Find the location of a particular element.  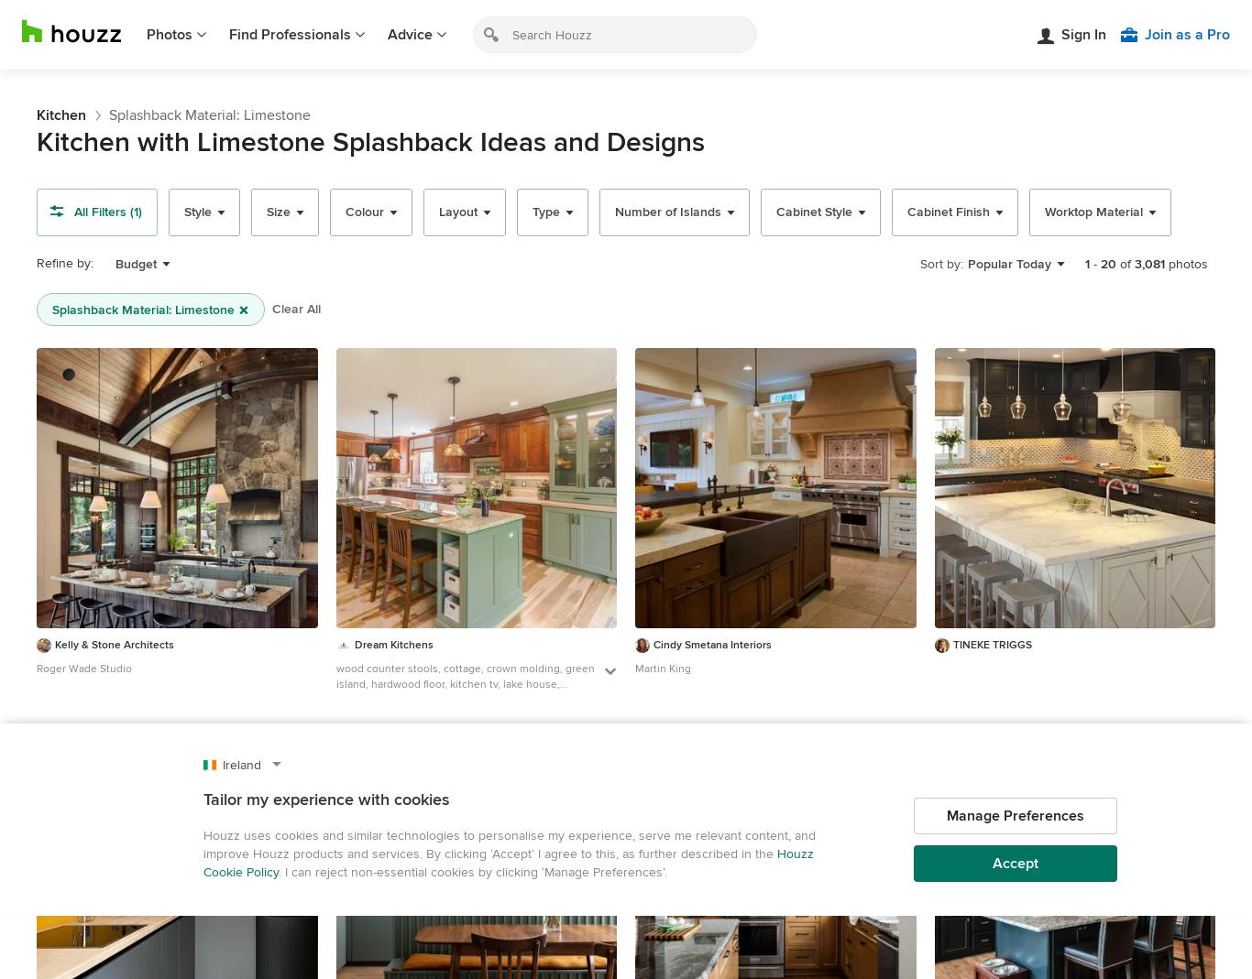

'Cabinet Finish' is located at coordinates (948, 210).